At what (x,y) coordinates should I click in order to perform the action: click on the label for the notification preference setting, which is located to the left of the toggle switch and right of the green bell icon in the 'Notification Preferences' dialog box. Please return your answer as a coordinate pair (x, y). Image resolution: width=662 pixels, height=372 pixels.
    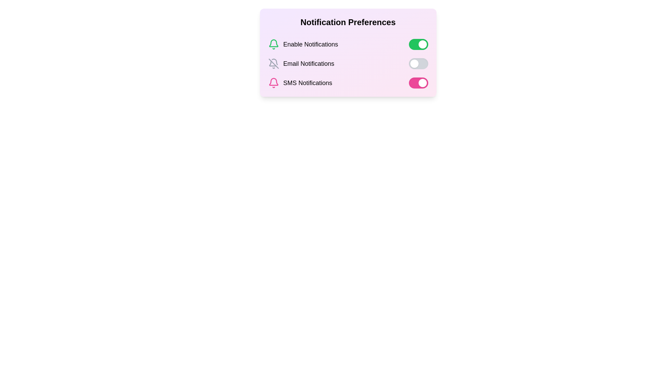
    Looking at the image, I should click on (310, 44).